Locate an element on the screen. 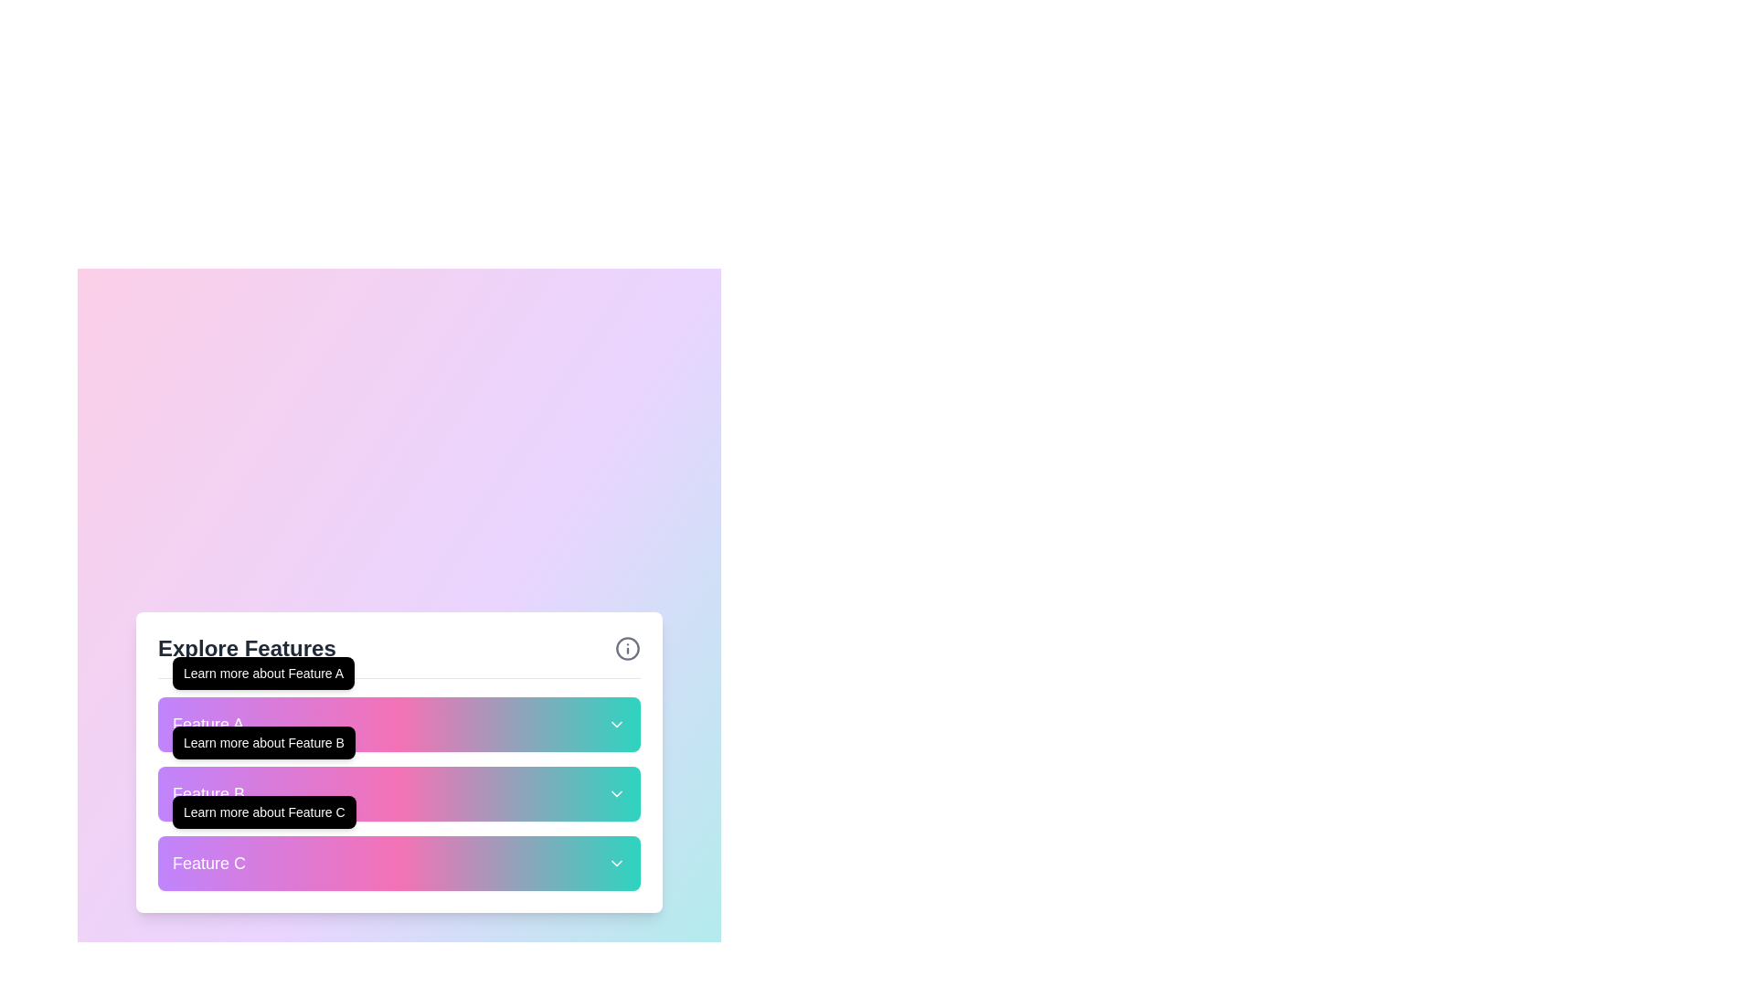 Image resolution: width=1755 pixels, height=987 pixels. bold text label that says 'Explore Features', which is styled prominently in dark gray and located near the top of a card interface is located at coordinates (246, 647).